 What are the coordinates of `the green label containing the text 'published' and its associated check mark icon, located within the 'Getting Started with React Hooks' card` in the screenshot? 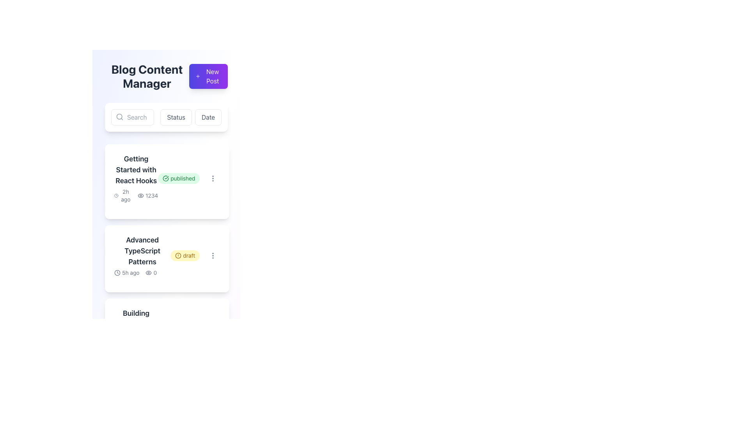 It's located at (189, 179).